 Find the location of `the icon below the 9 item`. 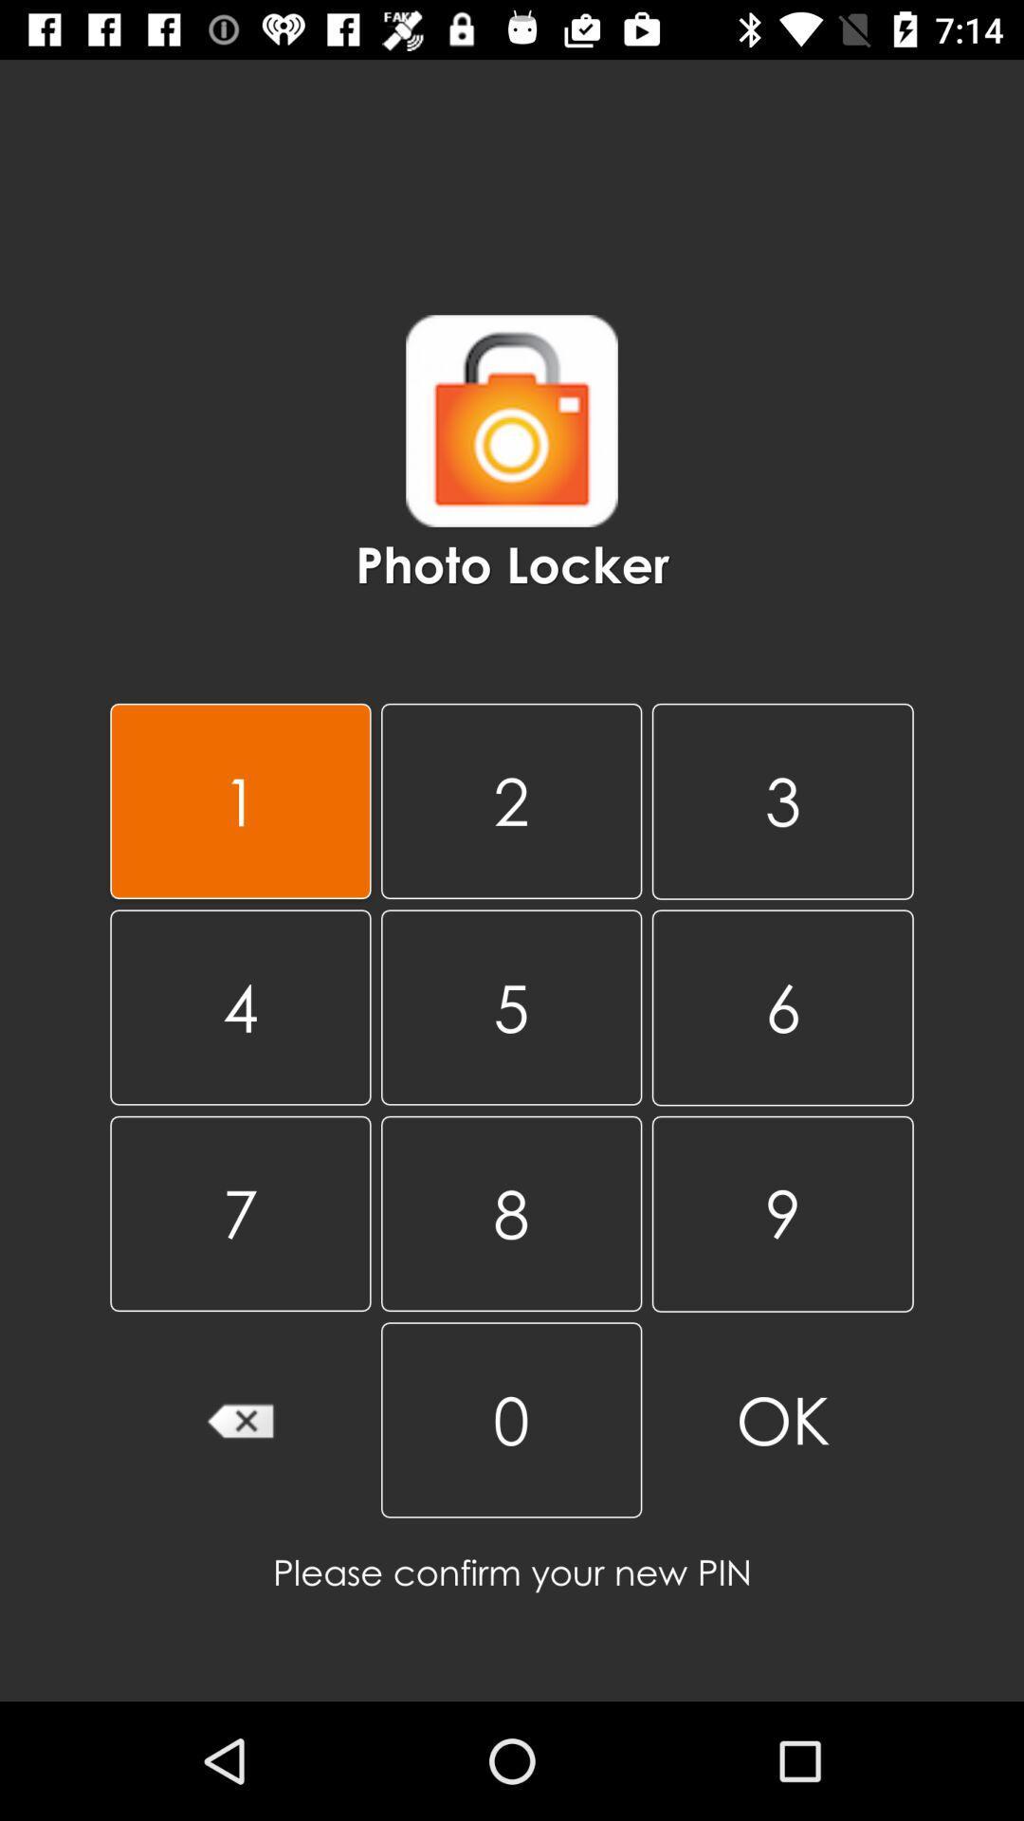

the icon below the 9 item is located at coordinates (782, 1420).